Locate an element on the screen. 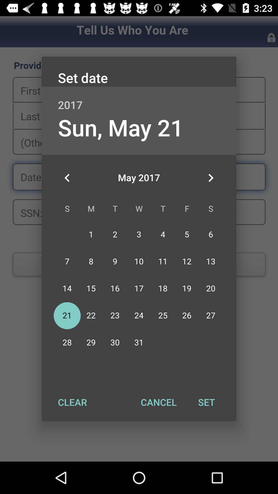  the icon next to cancel item is located at coordinates (72, 402).